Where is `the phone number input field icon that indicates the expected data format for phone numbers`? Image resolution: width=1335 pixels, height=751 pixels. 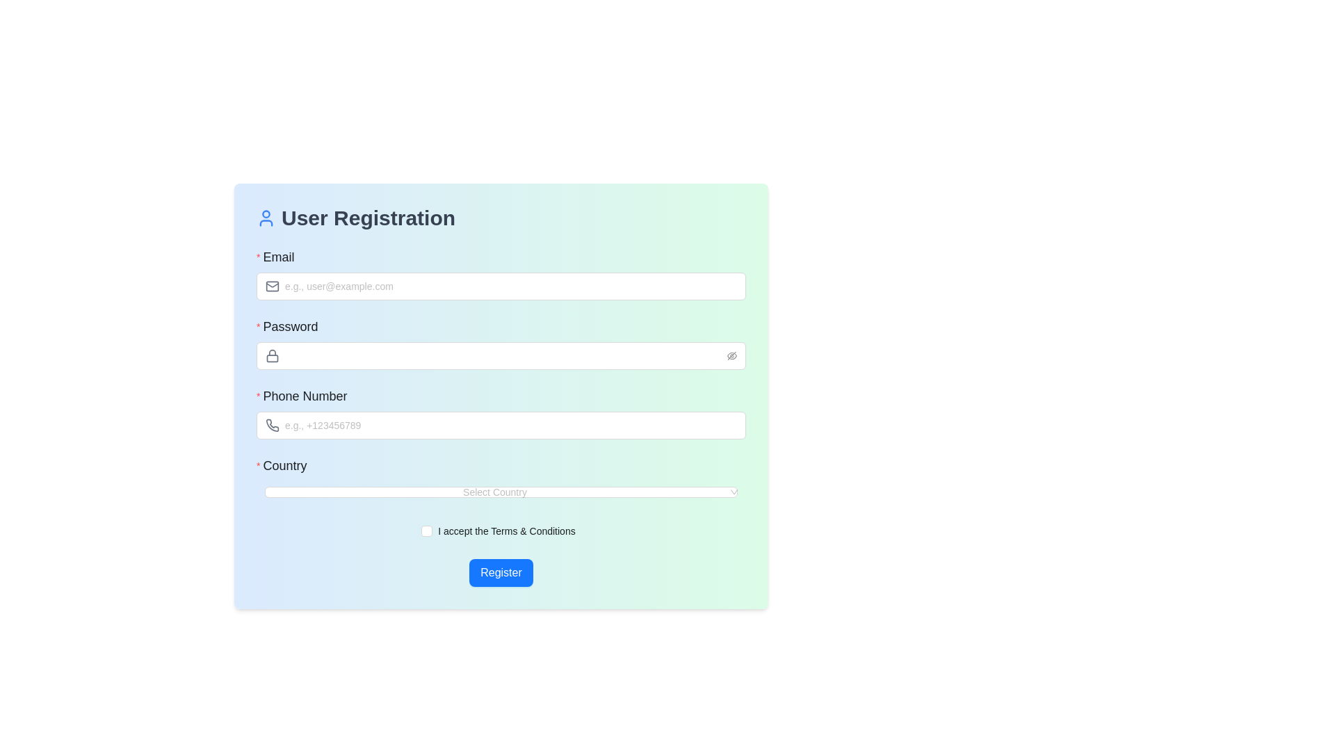
the phone number input field icon that indicates the expected data format for phone numbers is located at coordinates (273, 425).